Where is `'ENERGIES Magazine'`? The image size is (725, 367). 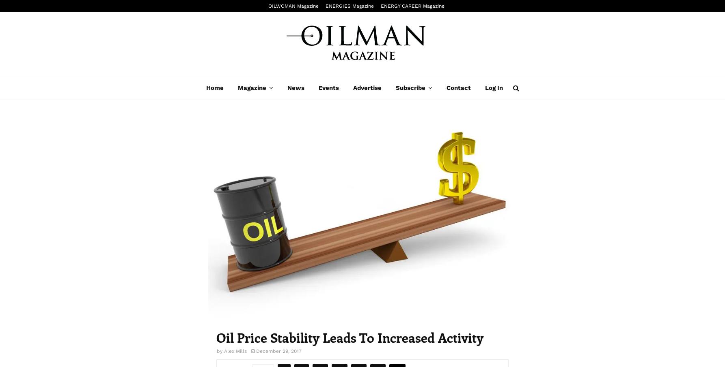
'ENERGIES Magazine' is located at coordinates (349, 6).